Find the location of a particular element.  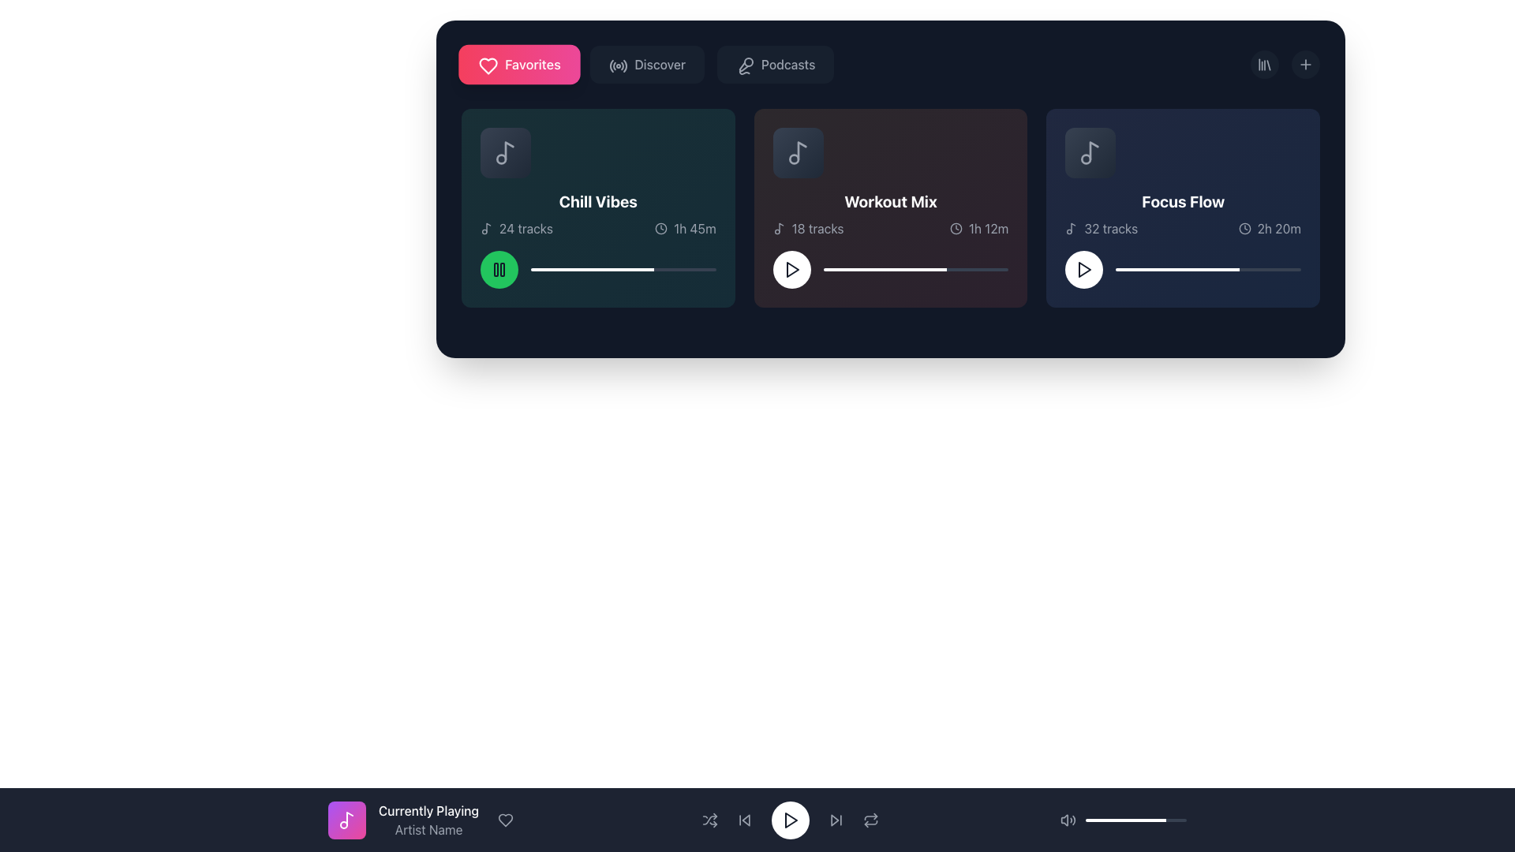

the static informational component displaying the duration of the 'Workout Mix' playlist, located in the bottom right section of the playlist card, aligned rightward of the '18 tracks' text is located at coordinates (978, 228).